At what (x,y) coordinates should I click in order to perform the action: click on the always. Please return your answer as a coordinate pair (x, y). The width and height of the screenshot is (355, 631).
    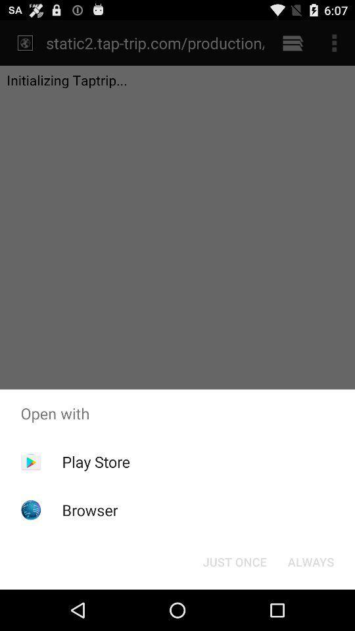
    Looking at the image, I should click on (310, 561).